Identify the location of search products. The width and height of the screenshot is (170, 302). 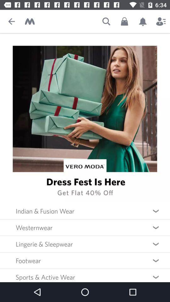
(106, 21).